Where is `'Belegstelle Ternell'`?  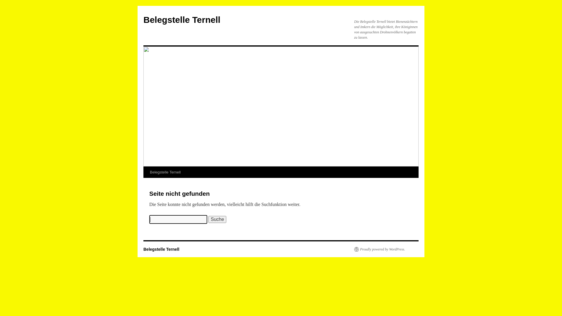 'Belegstelle Ternell' is located at coordinates (161, 249).